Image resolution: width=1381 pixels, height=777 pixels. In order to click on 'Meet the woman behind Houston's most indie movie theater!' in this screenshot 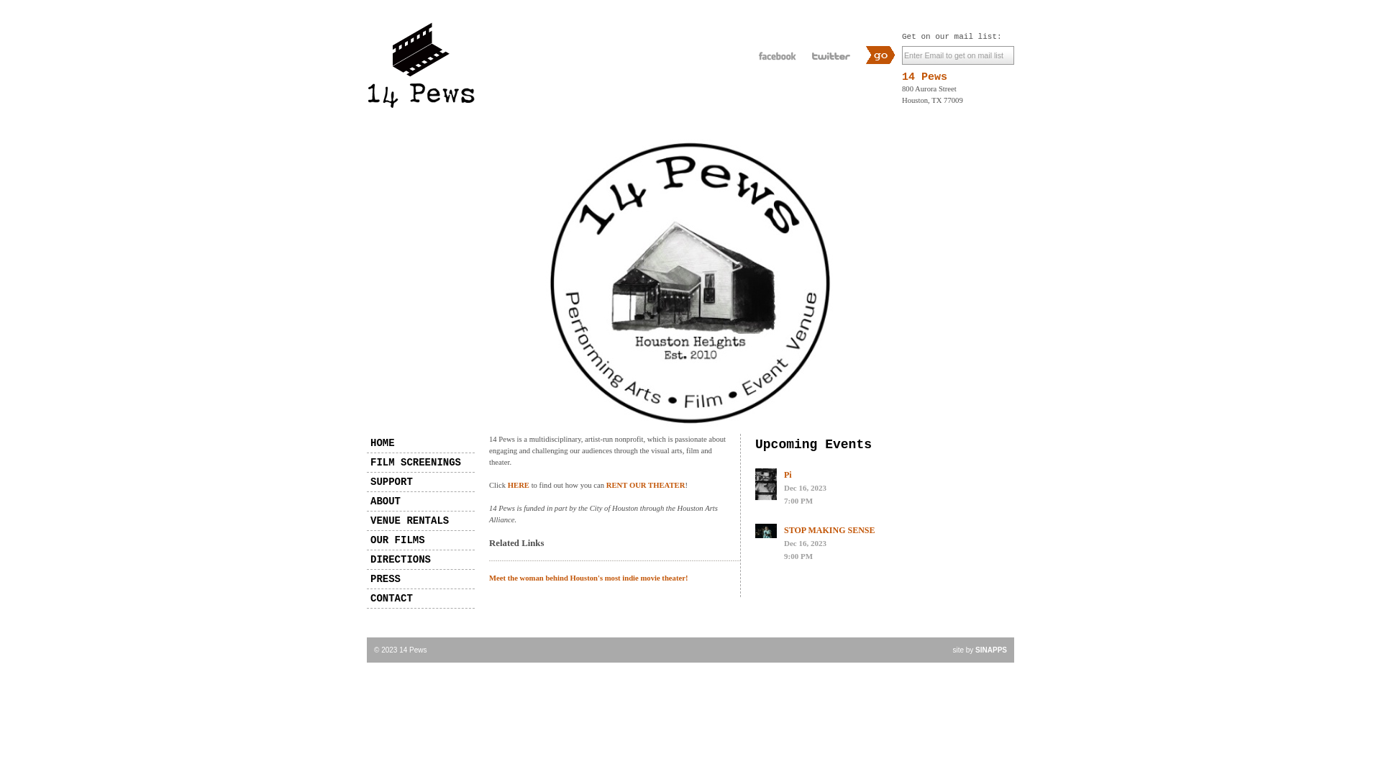, I will do `click(489, 577)`.